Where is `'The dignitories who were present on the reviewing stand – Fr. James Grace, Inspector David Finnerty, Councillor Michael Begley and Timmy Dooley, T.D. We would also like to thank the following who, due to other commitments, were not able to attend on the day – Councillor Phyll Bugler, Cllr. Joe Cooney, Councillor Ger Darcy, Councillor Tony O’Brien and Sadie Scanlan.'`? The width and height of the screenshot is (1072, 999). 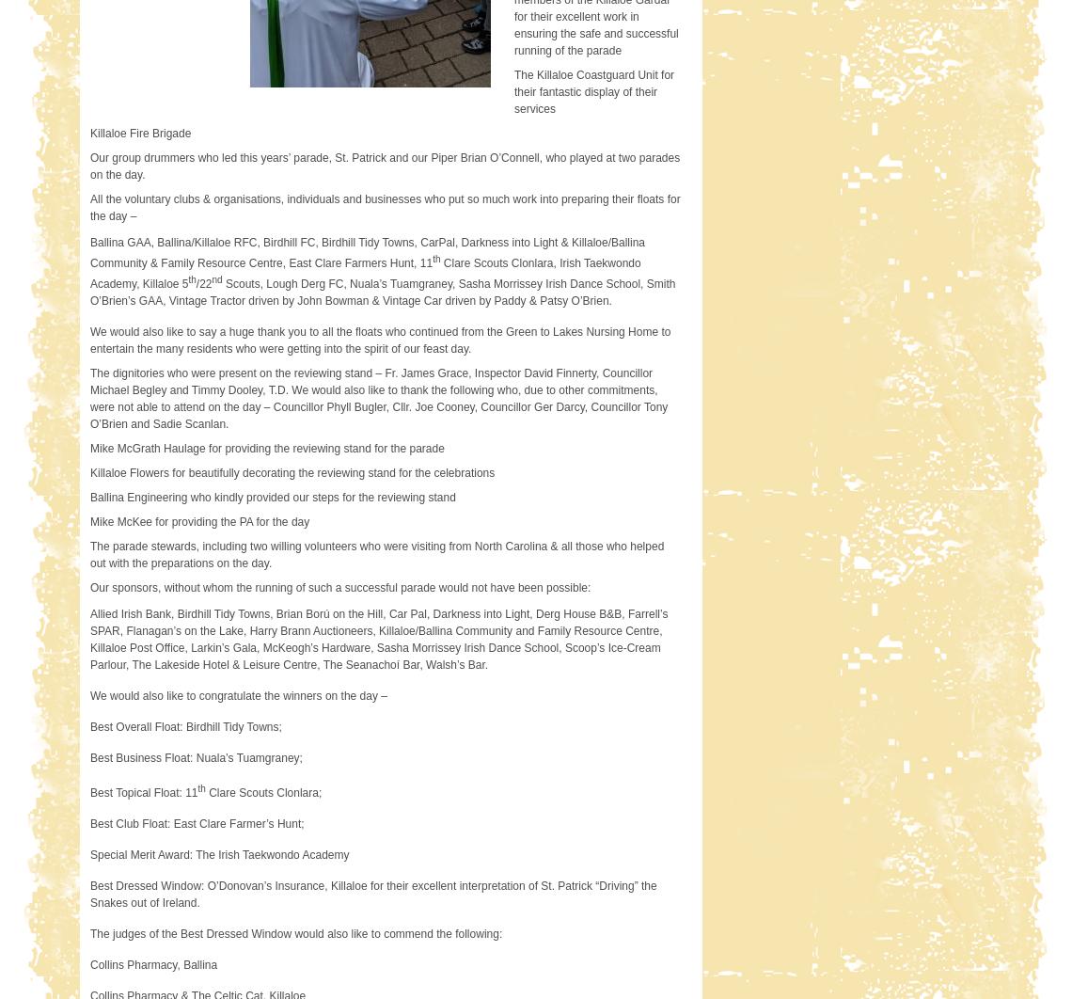
'The dignitories who were present on the reviewing stand – Fr. James Grace, Inspector David Finnerty, Councillor Michael Begley and Timmy Dooley, T.D. We would also like to thank the following who, due to other commitments, were not able to attend on the day – Councillor Phyll Bugler, Cllr. Joe Cooney, Councillor Ger Darcy, Councillor Tony O’Brien and Sadie Scanlan.' is located at coordinates (377, 396).